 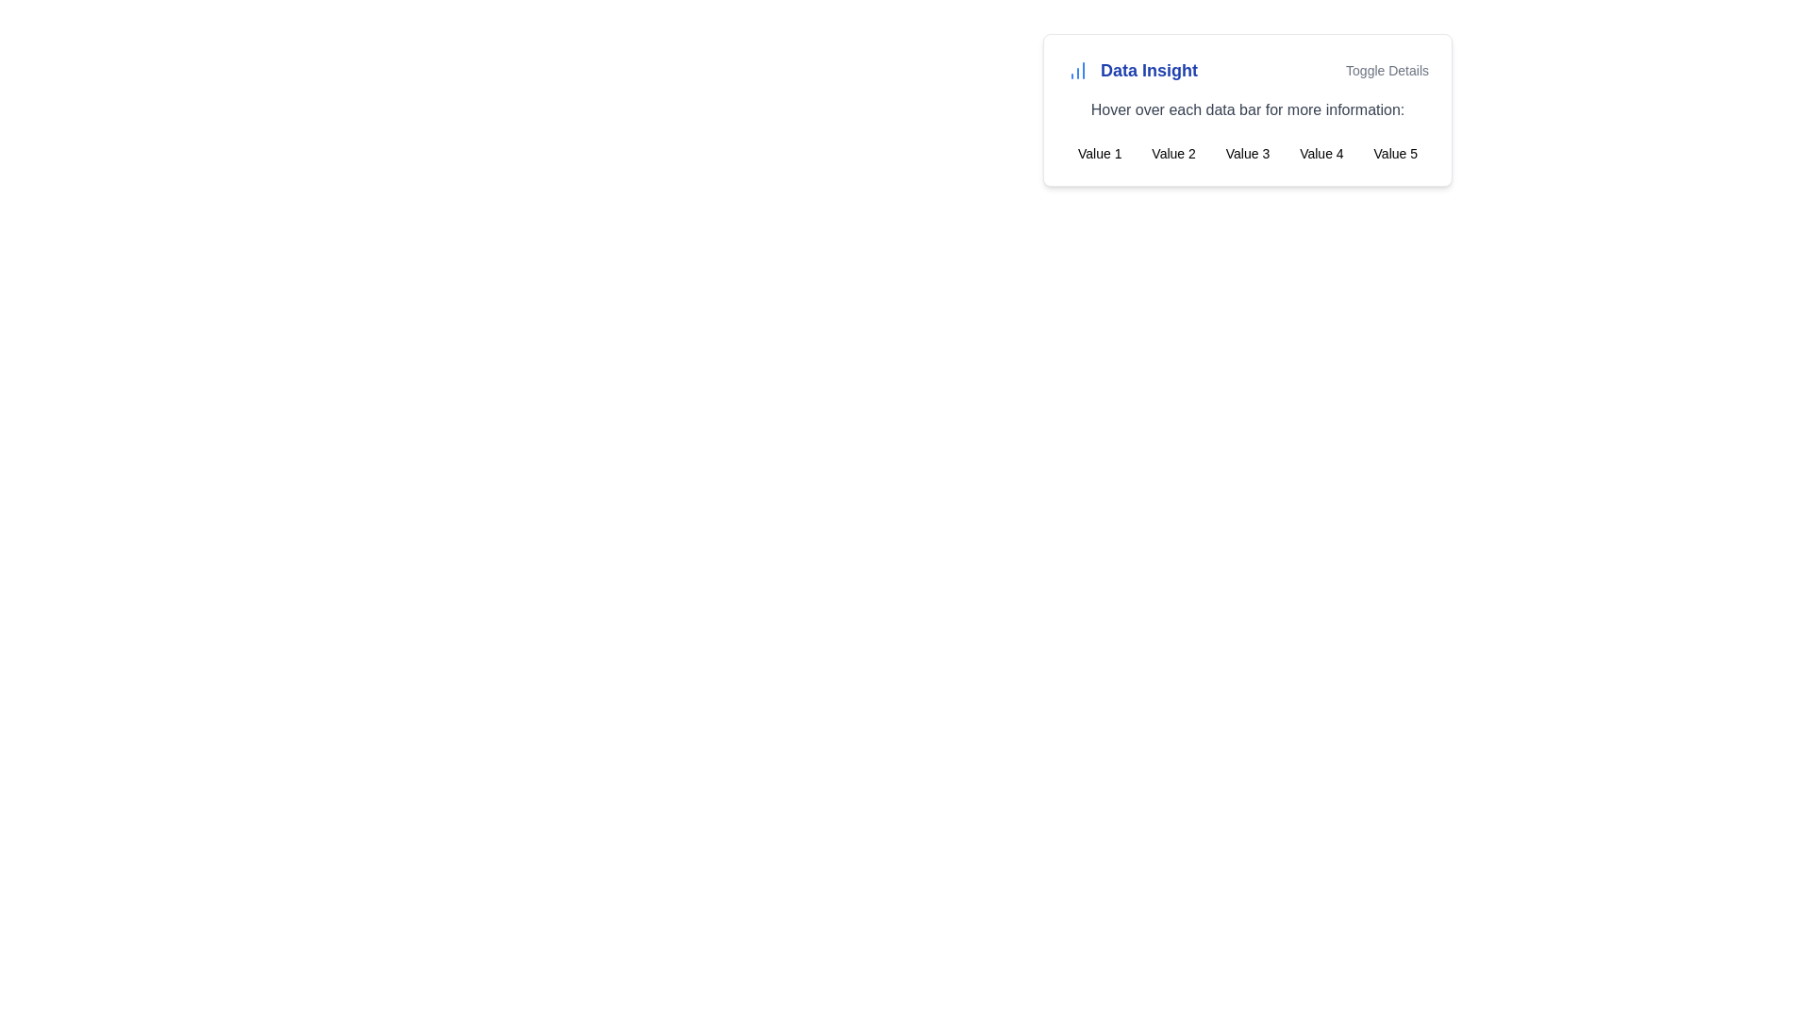 I want to click on the blue bar chart icon located to the left of the text 'Data Insight', so click(x=1077, y=69).